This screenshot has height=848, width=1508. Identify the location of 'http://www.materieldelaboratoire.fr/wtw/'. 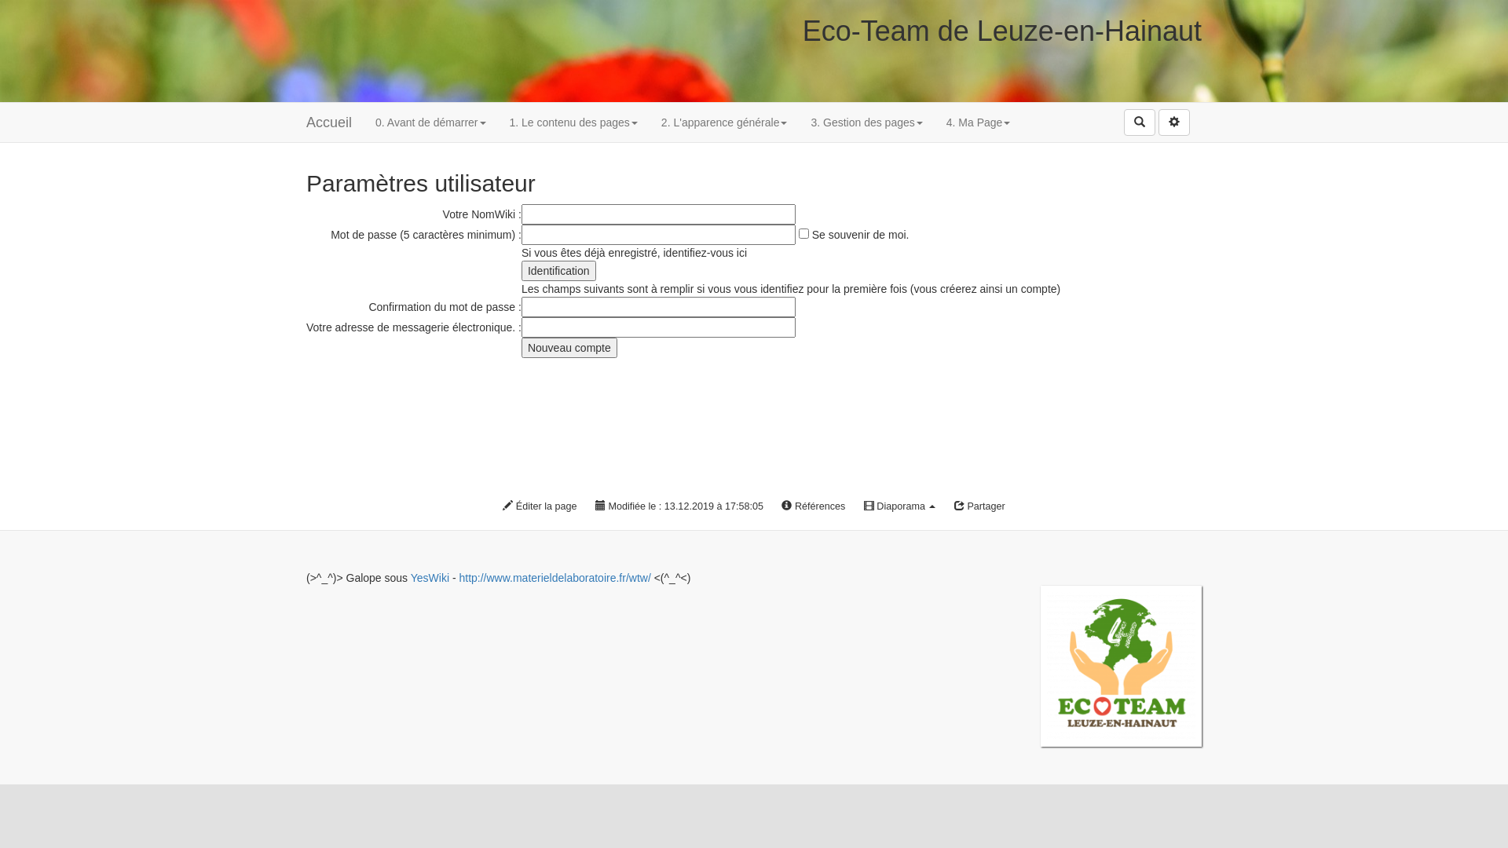
(554, 578).